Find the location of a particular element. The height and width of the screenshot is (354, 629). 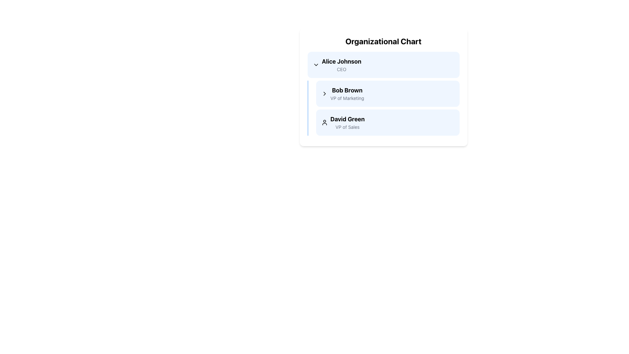

the second card displaying 'Bob Brown' with the title 'VP of Marketing' in the organizational chart is located at coordinates (383, 87).